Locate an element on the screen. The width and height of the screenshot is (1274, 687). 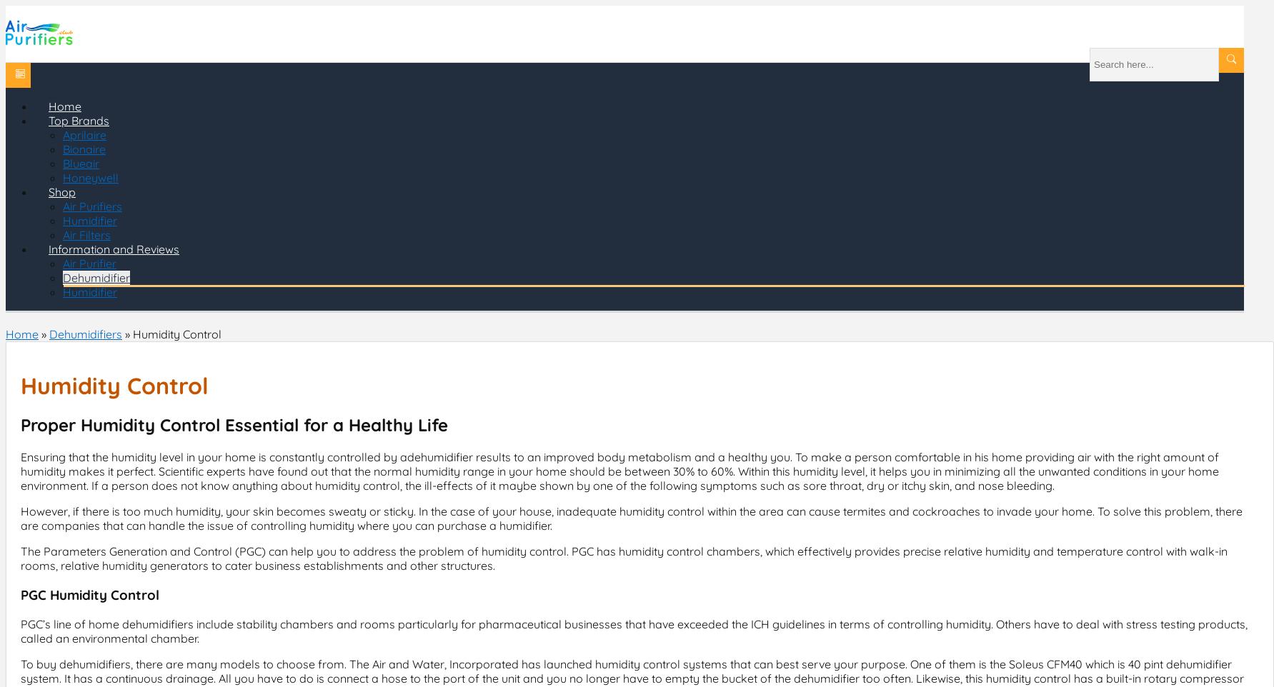
'Information and Reviews' is located at coordinates (113, 249).